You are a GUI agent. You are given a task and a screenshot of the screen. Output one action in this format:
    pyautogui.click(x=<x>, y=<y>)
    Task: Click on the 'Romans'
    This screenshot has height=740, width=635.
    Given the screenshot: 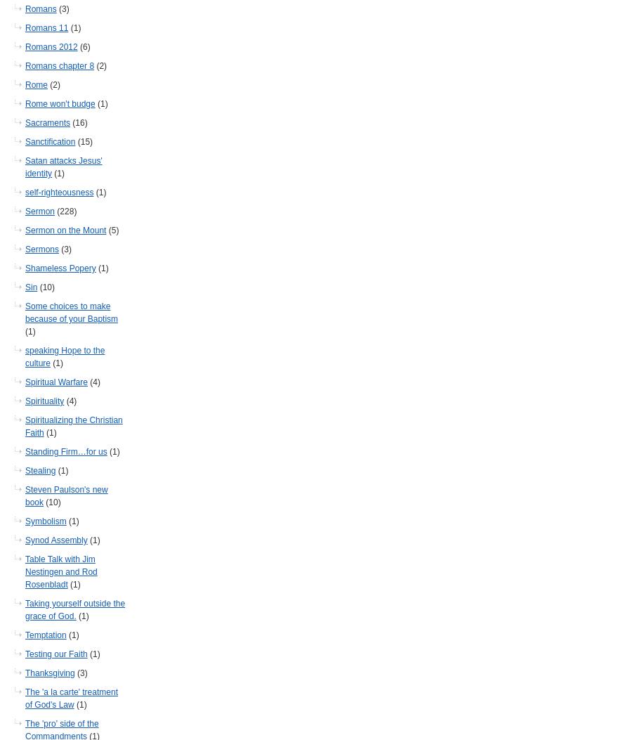 What is the action you would take?
    pyautogui.click(x=41, y=8)
    